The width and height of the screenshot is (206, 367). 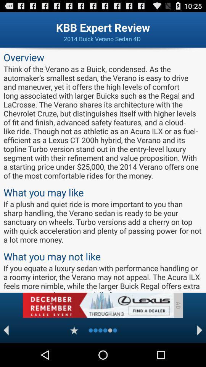 I want to click on previous, so click(x=6, y=330).